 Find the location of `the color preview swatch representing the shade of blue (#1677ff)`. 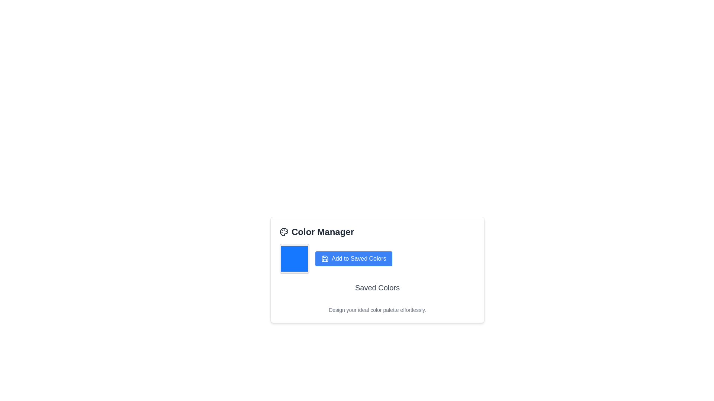

the color preview swatch representing the shade of blue (#1677ff) is located at coordinates (294, 258).